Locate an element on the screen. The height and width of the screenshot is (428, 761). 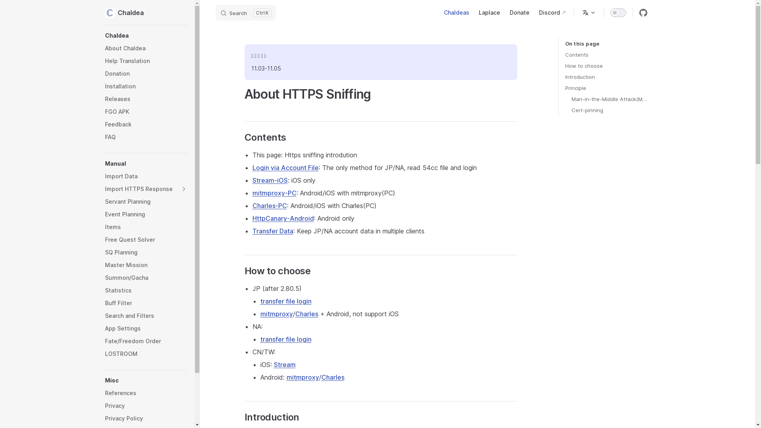
'Import Data' is located at coordinates (146, 176).